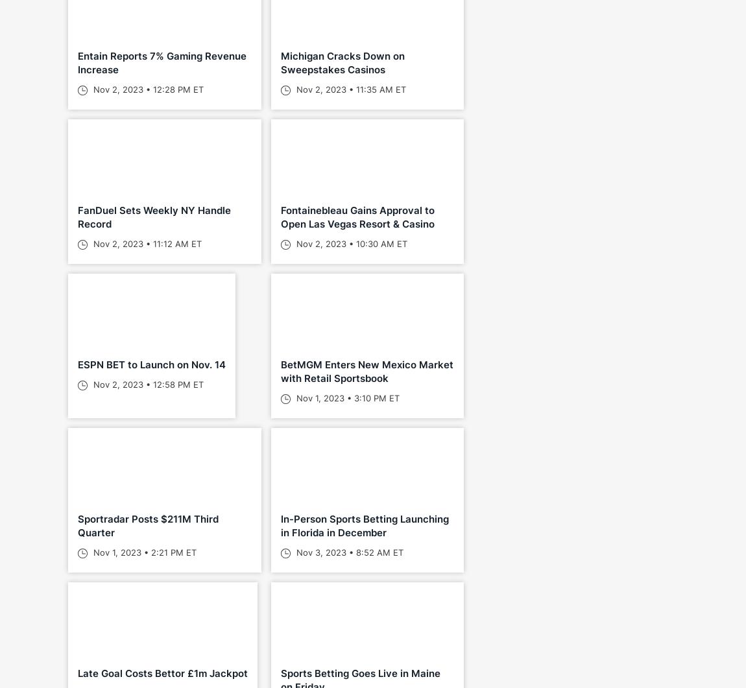 Image resolution: width=746 pixels, height=688 pixels. Describe the element at coordinates (147, 383) in the screenshot. I see `'Nov 2, 2023 • 12:58 PM ET'` at that location.